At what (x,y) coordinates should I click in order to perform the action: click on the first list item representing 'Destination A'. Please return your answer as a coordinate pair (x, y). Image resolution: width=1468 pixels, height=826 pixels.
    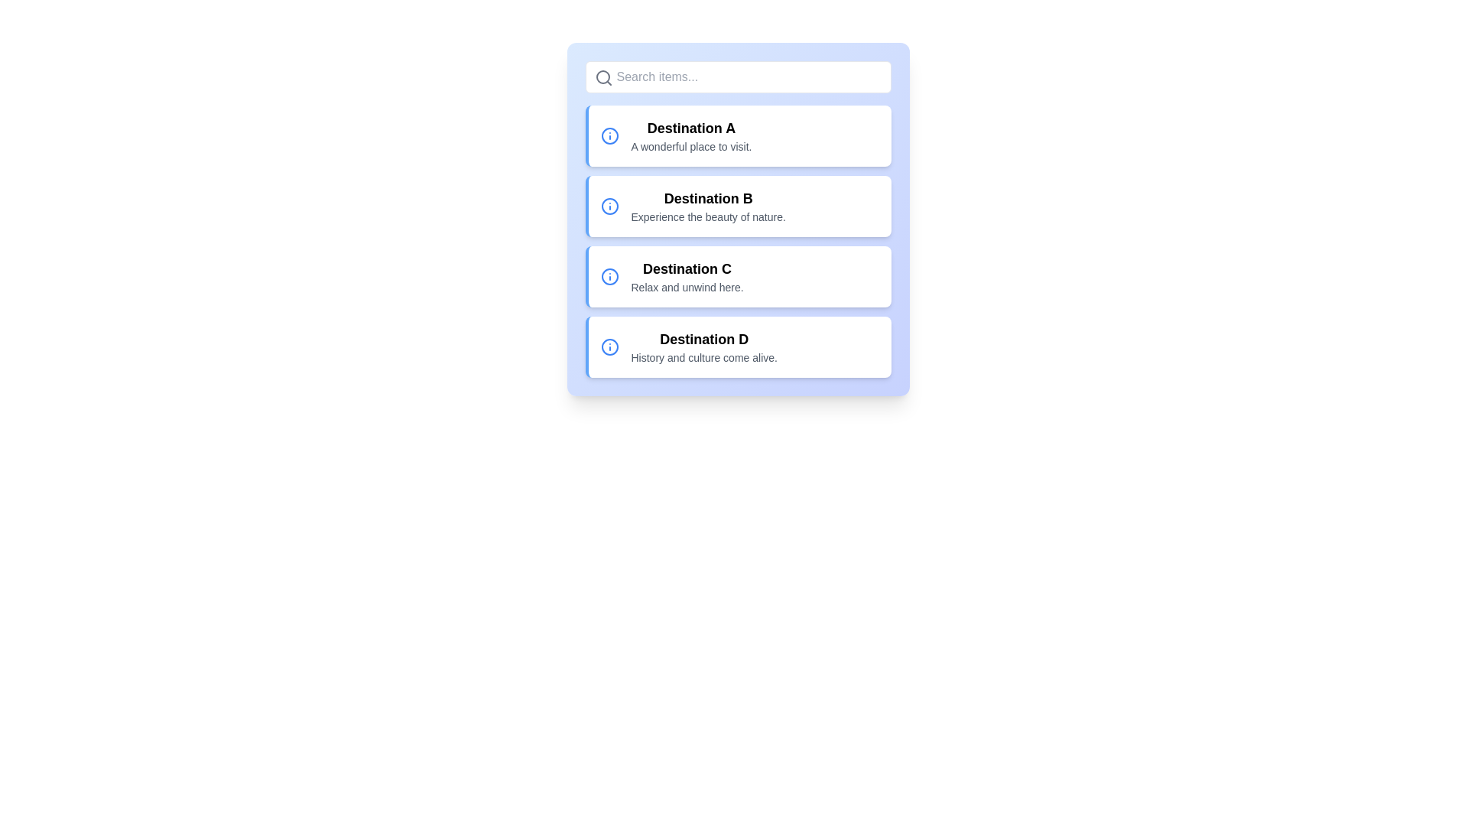
    Looking at the image, I should click on (738, 135).